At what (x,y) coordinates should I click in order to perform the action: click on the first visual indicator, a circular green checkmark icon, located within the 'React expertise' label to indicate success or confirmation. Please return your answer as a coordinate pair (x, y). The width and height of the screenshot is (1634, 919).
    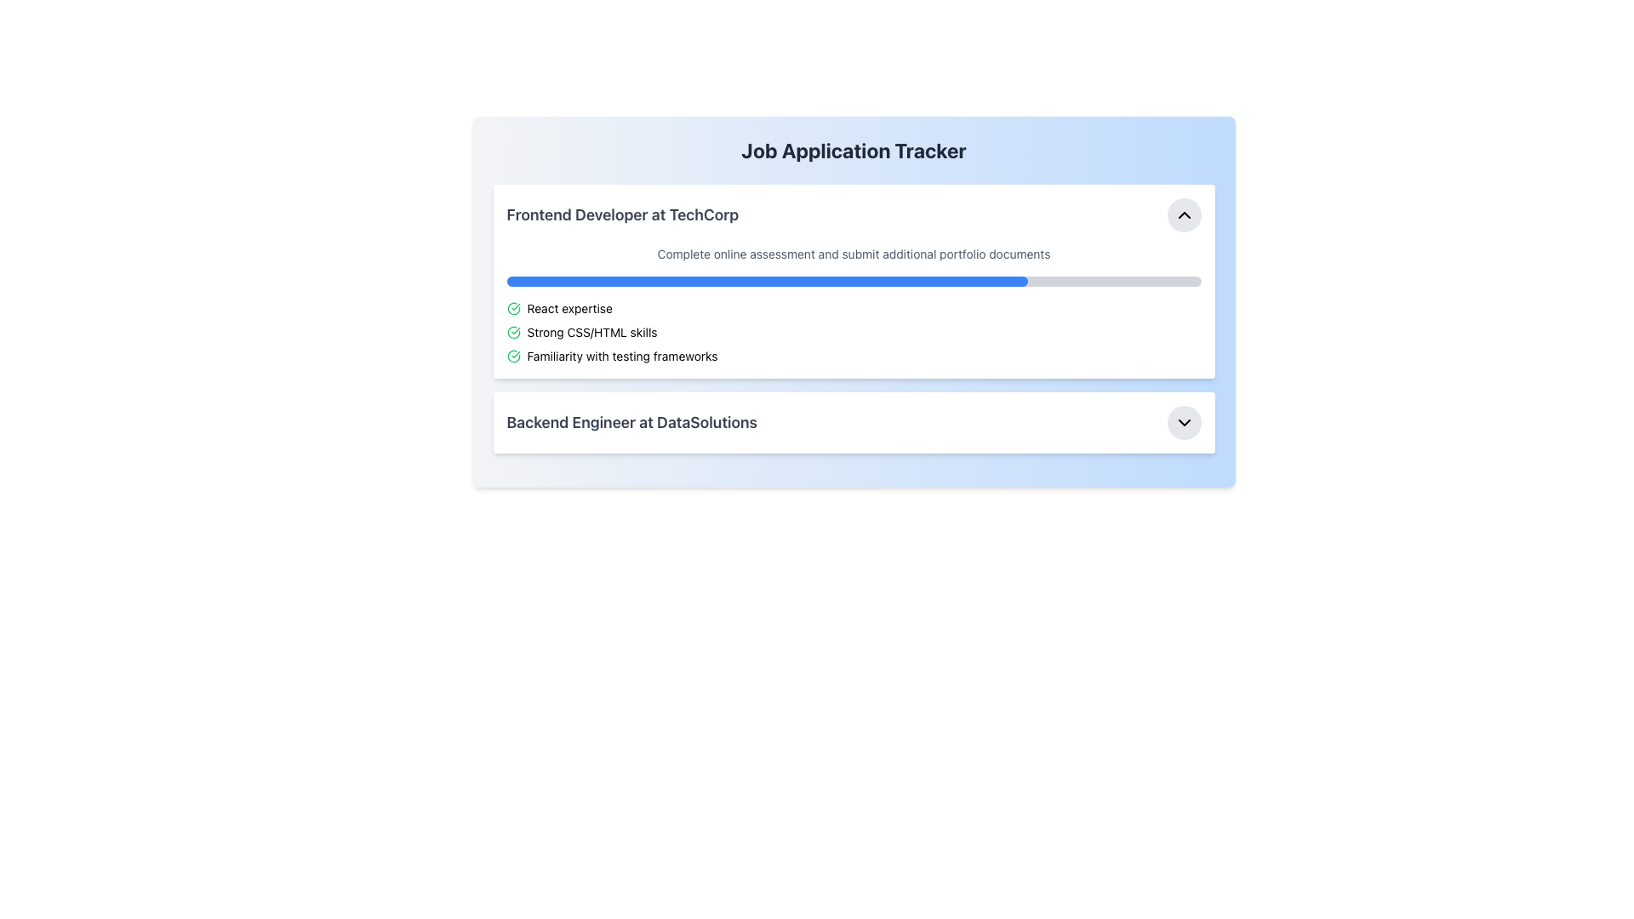
    Looking at the image, I should click on (512, 308).